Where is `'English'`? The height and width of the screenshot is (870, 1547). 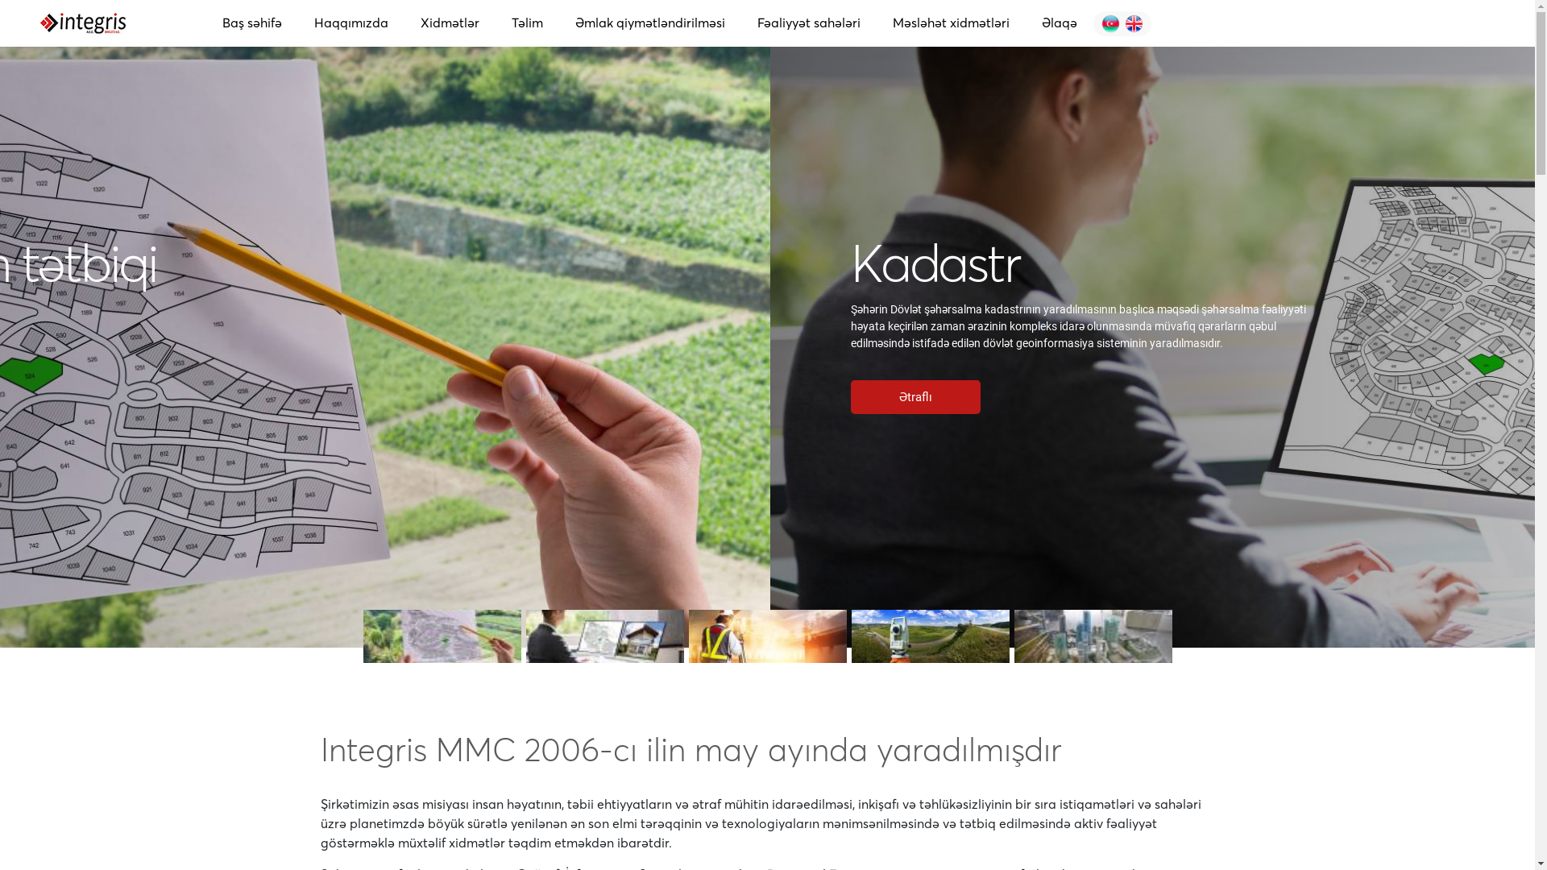 'English' is located at coordinates (1133, 23).